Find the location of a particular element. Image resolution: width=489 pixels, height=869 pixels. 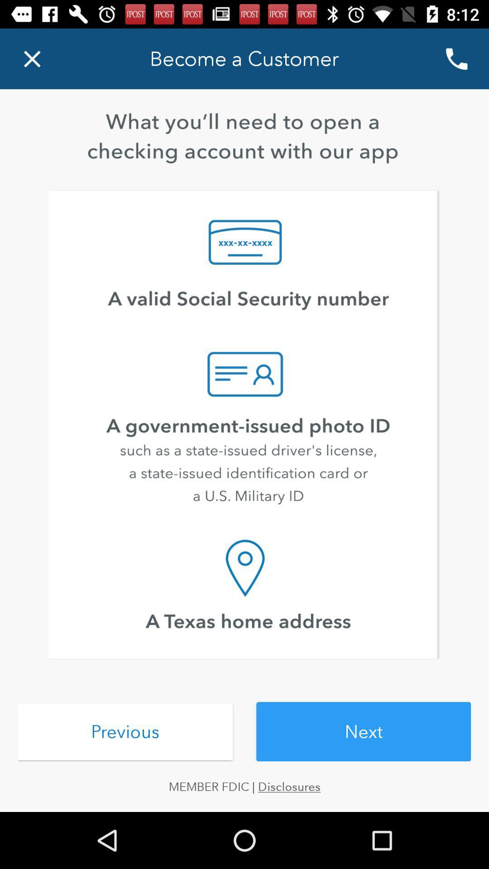

next icon is located at coordinates (363, 731).